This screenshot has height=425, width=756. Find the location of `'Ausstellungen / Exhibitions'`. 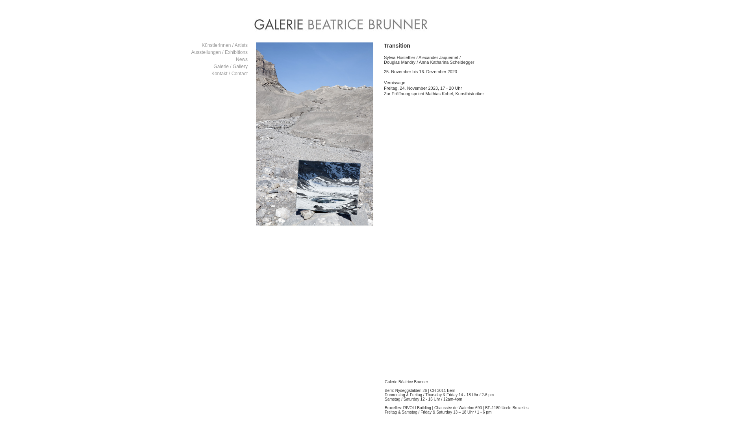

'Ausstellungen / Exhibitions' is located at coordinates (219, 52).